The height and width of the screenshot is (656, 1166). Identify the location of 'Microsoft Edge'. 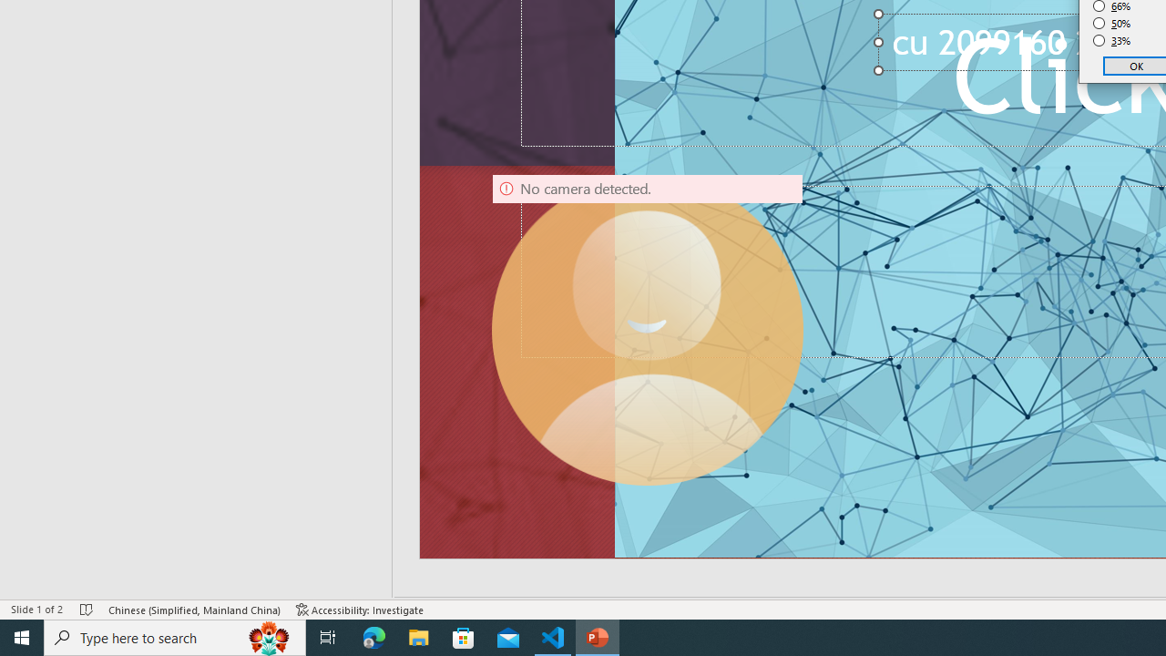
(373, 636).